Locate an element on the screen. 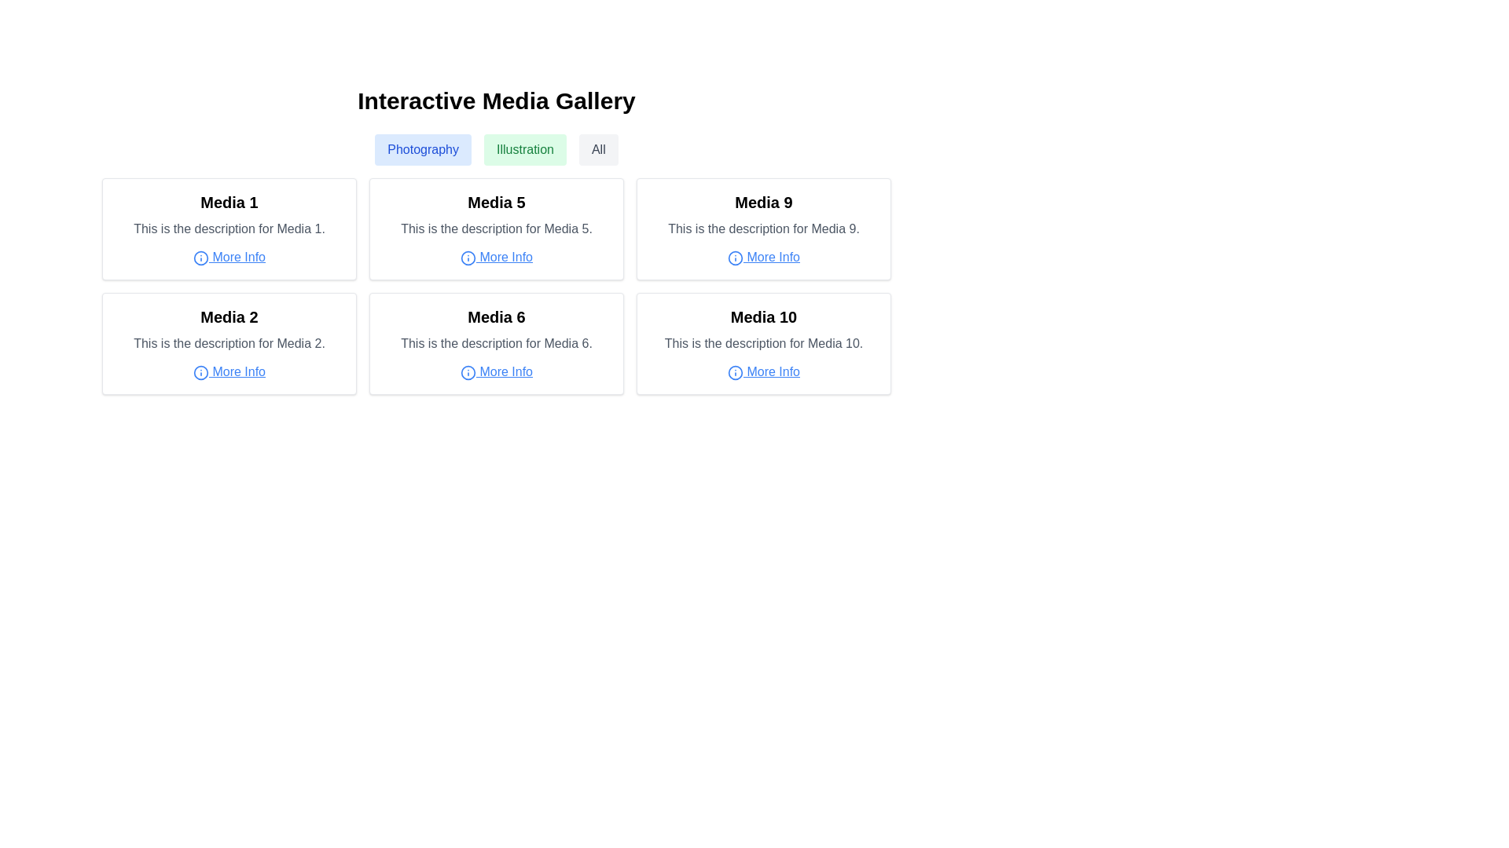 Image resolution: width=1509 pixels, height=848 pixels. the title text label of the media item located at the top of the second card in the bottom row of the grid view is located at coordinates (763, 317).